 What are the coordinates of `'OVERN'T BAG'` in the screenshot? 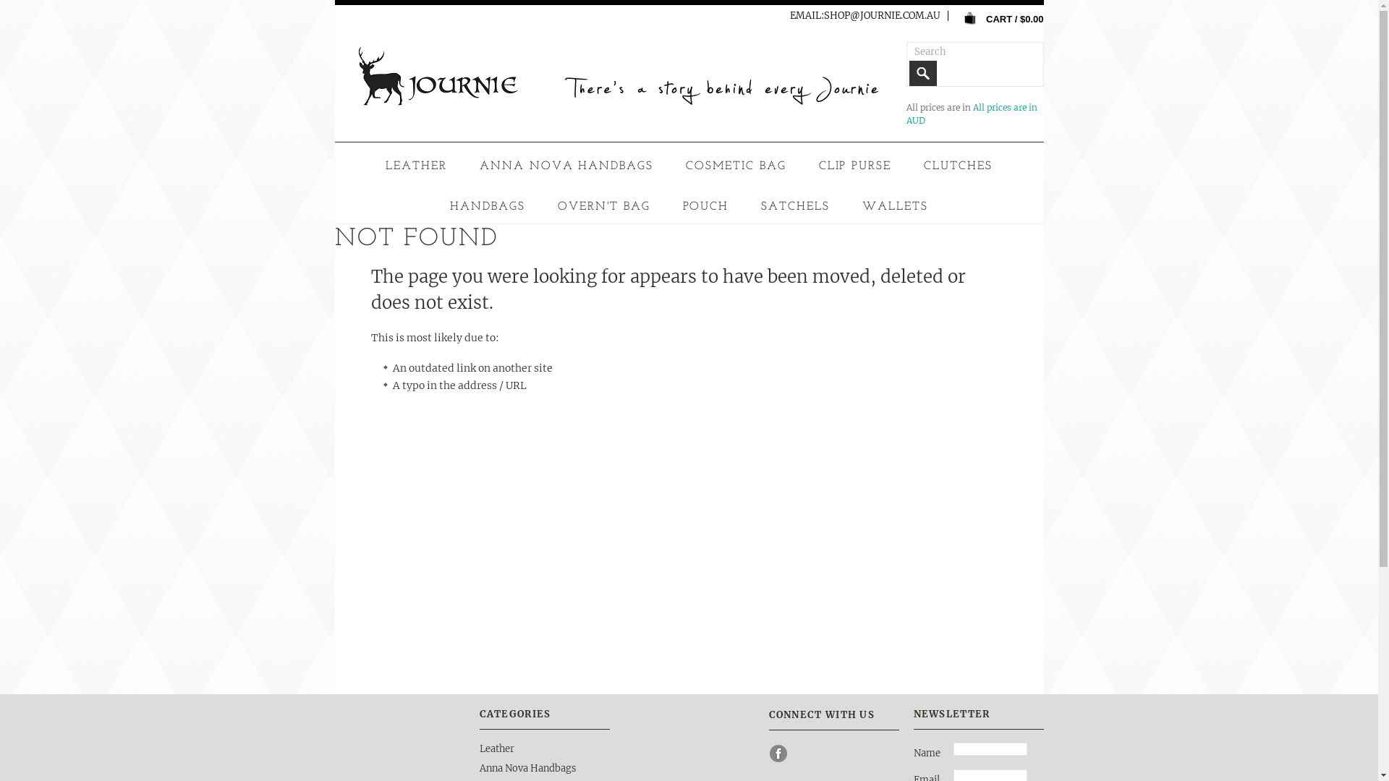 It's located at (604, 206).